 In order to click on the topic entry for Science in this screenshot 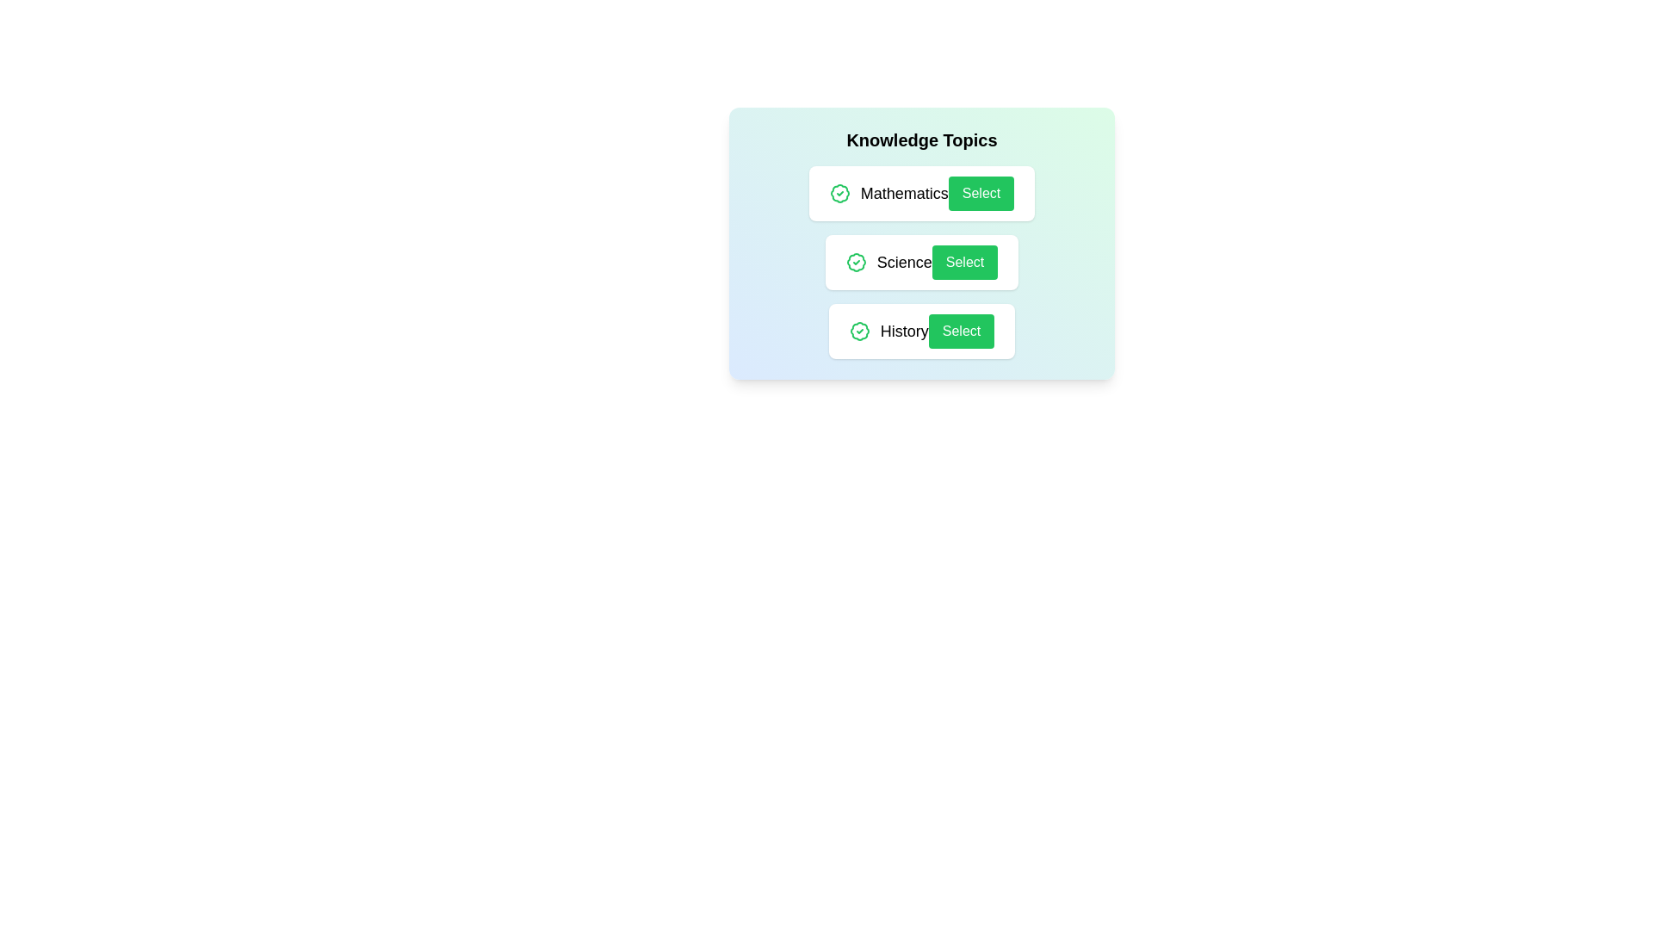, I will do `click(920, 262)`.